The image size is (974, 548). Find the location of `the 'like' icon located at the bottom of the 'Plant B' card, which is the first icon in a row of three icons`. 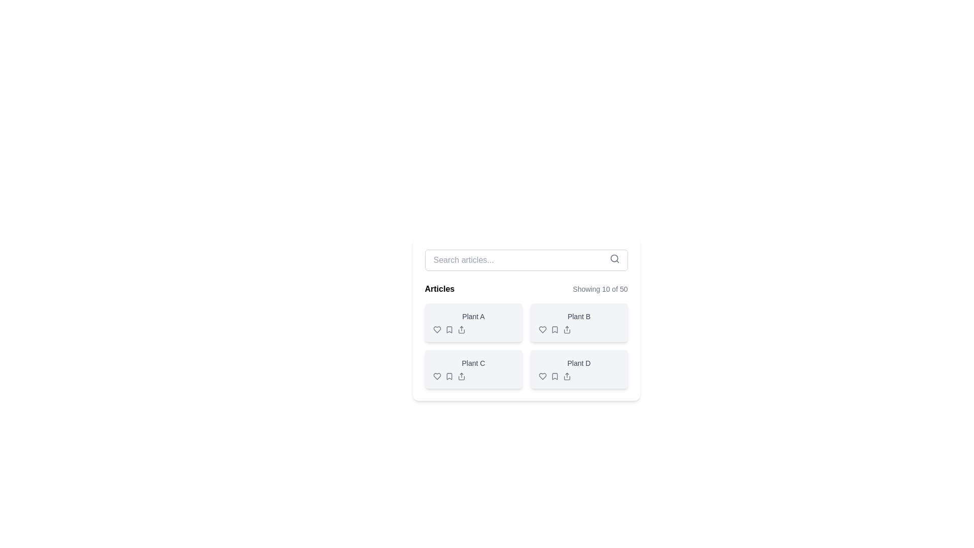

the 'like' icon located at the bottom of the 'Plant B' card, which is the first icon in a row of three icons is located at coordinates (542, 330).